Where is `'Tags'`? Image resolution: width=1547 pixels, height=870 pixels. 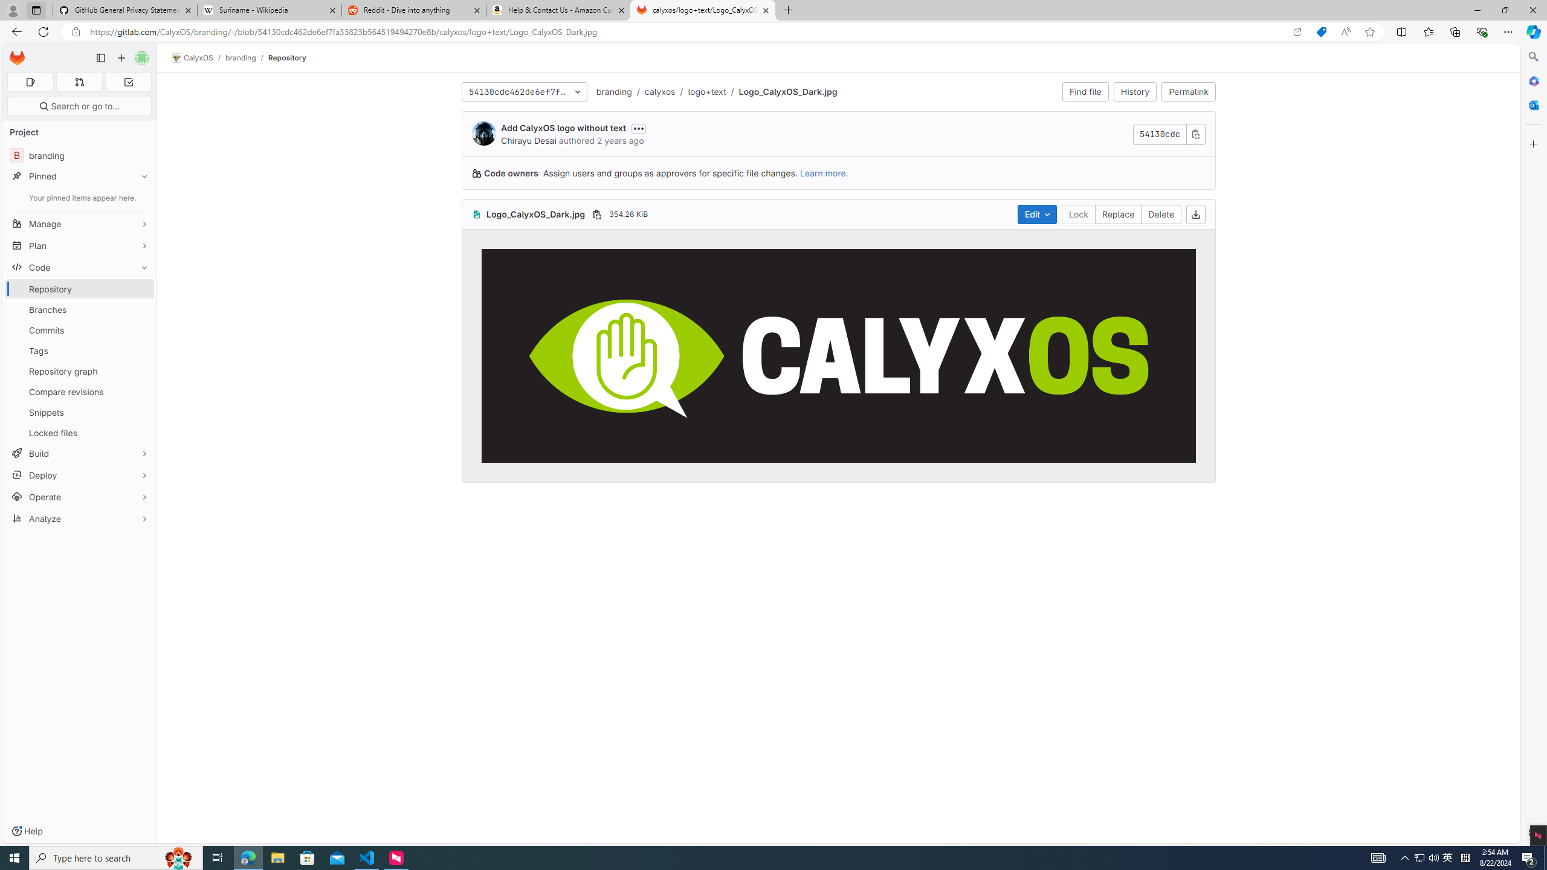 'Tags' is located at coordinates (79, 351).